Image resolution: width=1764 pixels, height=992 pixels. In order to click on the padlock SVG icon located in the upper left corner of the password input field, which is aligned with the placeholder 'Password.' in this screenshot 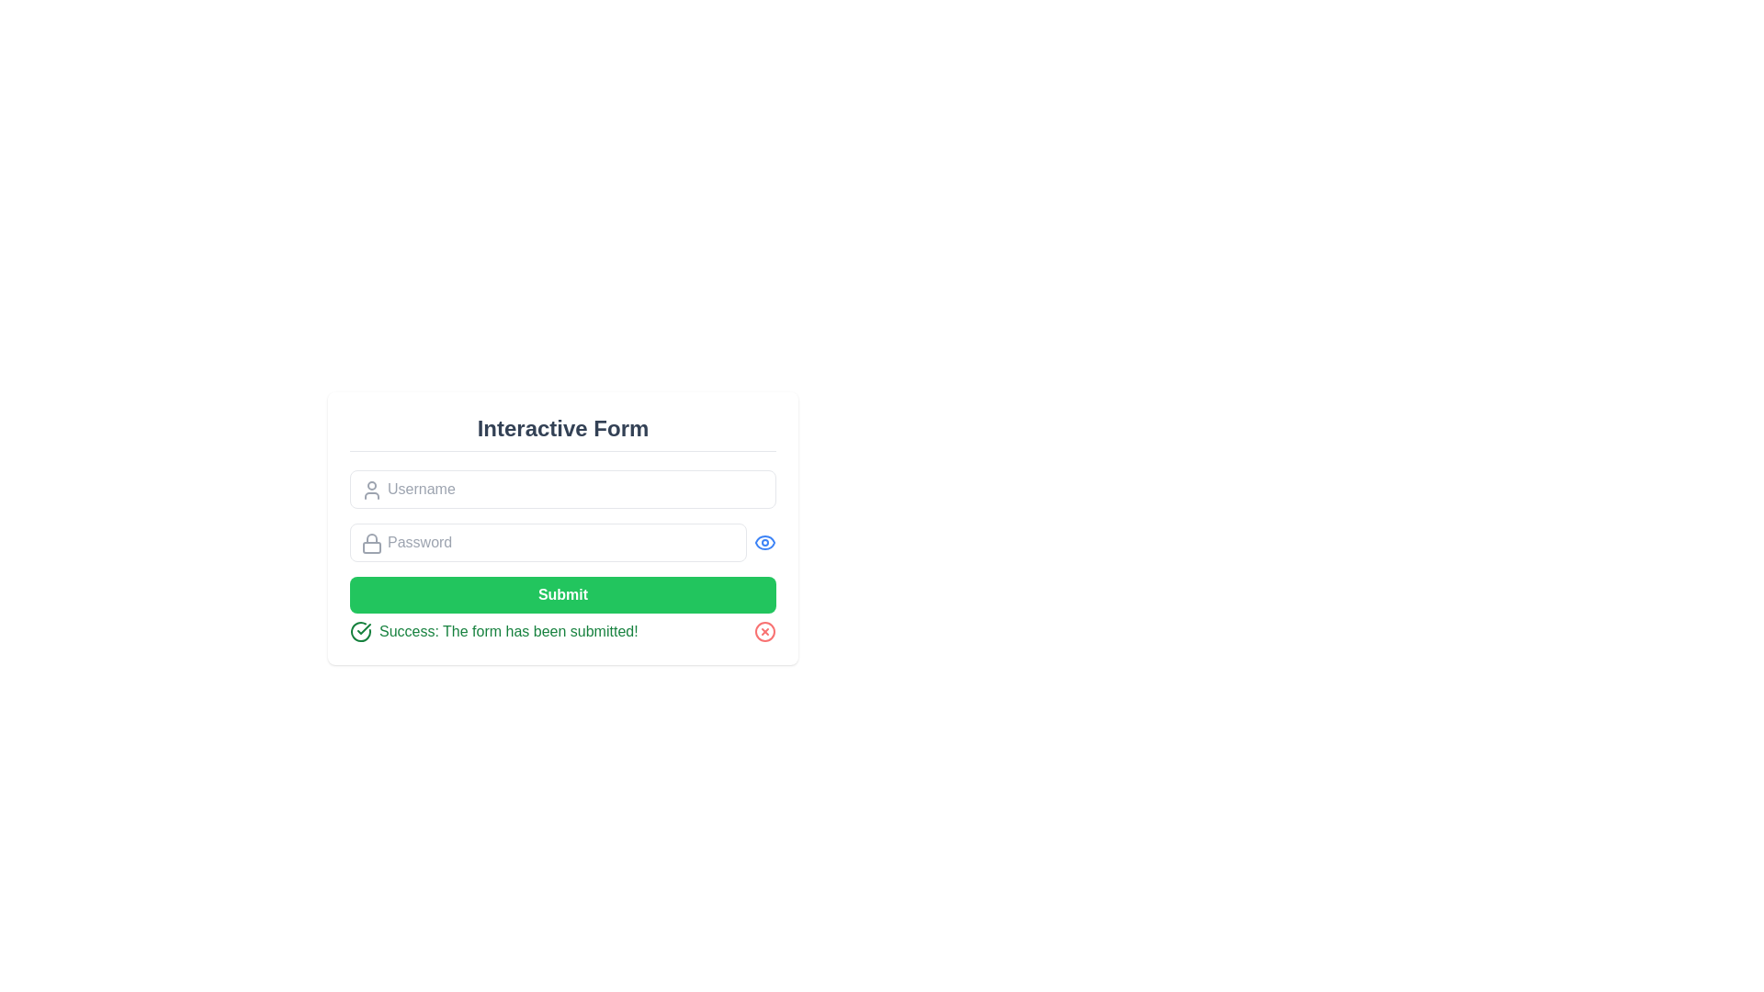, I will do `click(370, 542)`.